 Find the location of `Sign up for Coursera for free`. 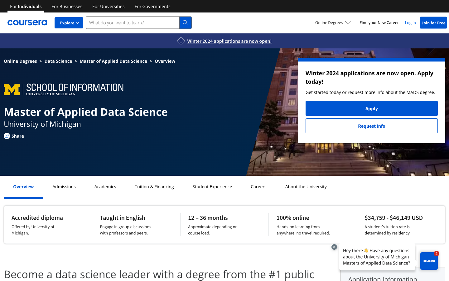

Sign up for Coursera for free is located at coordinates (433, 22).